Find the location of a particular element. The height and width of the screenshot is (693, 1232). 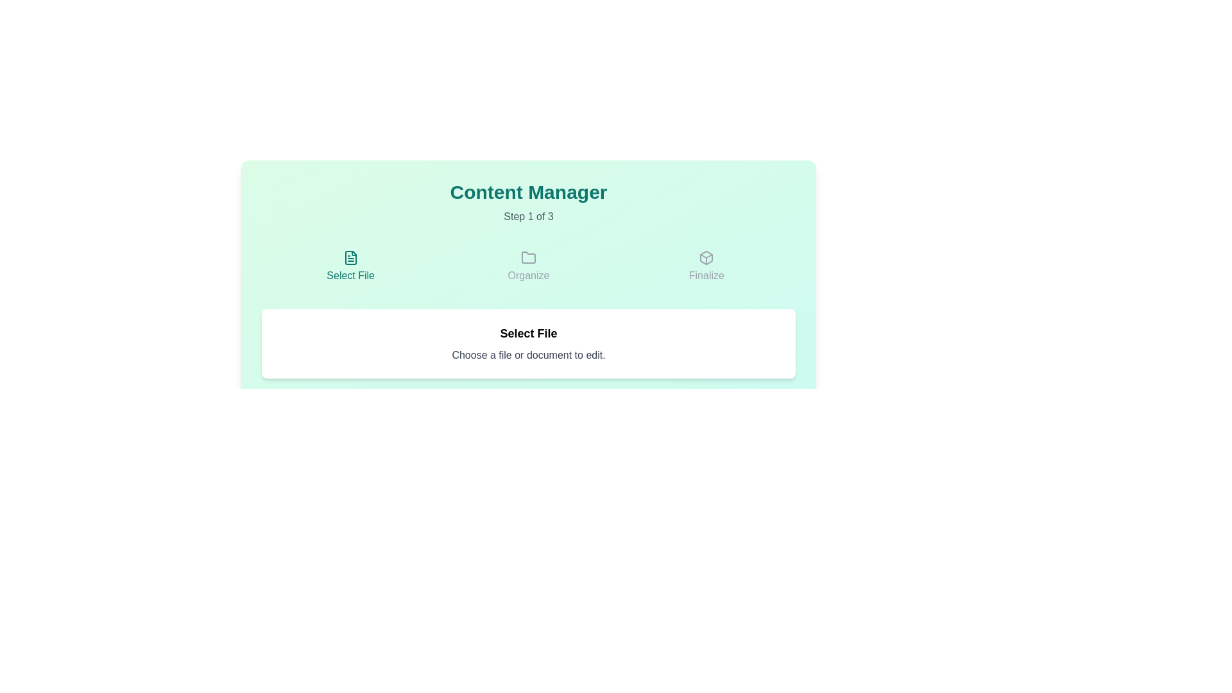

the folder icon located under the 'Organize' label, centered in the second column beneath 'Content Manager: Step 1 of 3' is located at coordinates (529, 257).